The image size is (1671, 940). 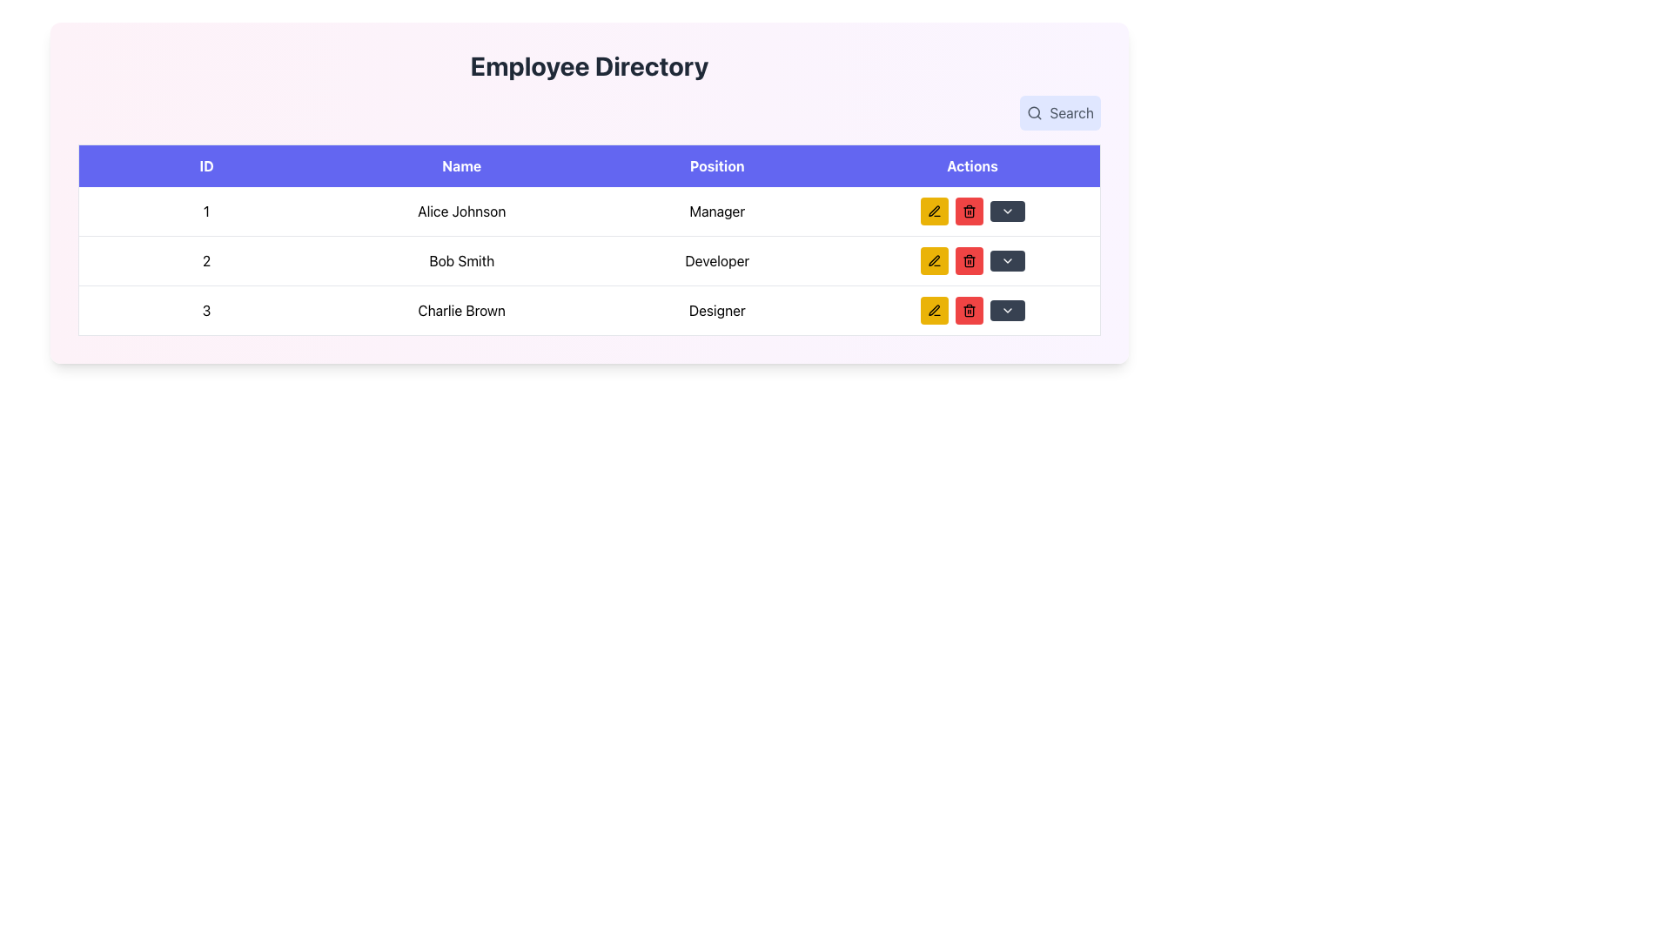 I want to click on the yellow rectangular button with a black pen icon located in the top row of the 'Actions' column, left of the red 'Delete' button for 'Alice Johnson', so click(x=933, y=211).